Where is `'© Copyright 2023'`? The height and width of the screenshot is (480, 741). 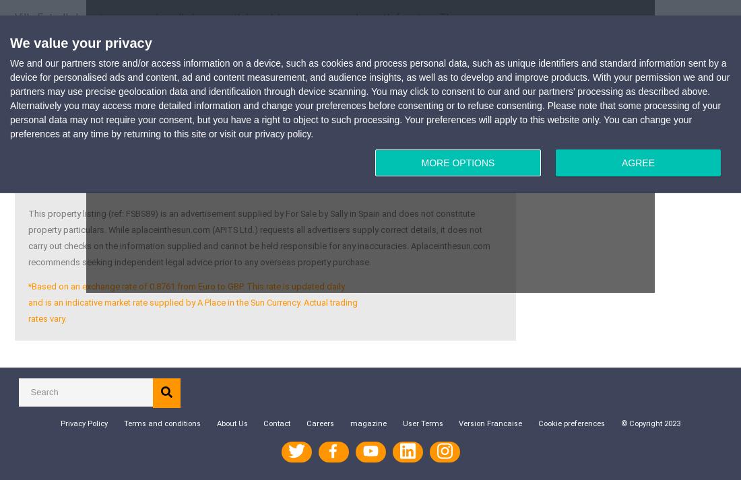
'© Copyright 2023' is located at coordinates (650, 423).